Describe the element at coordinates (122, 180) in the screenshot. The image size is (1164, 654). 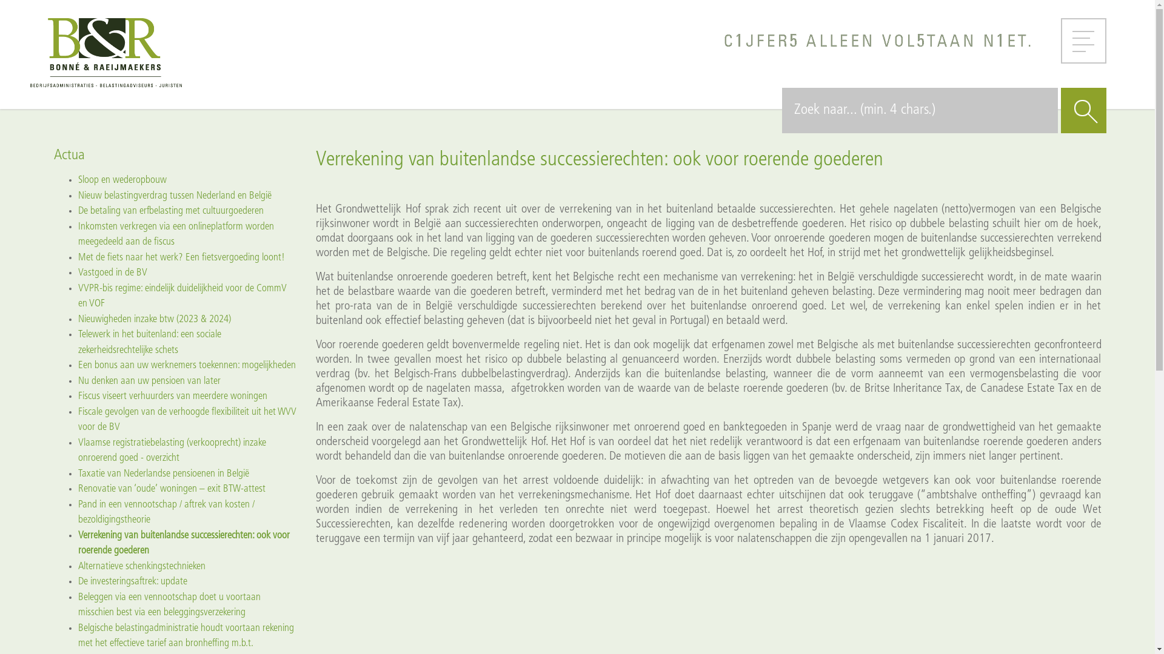
I see `'Sloop en wederopbouw'` at that location.